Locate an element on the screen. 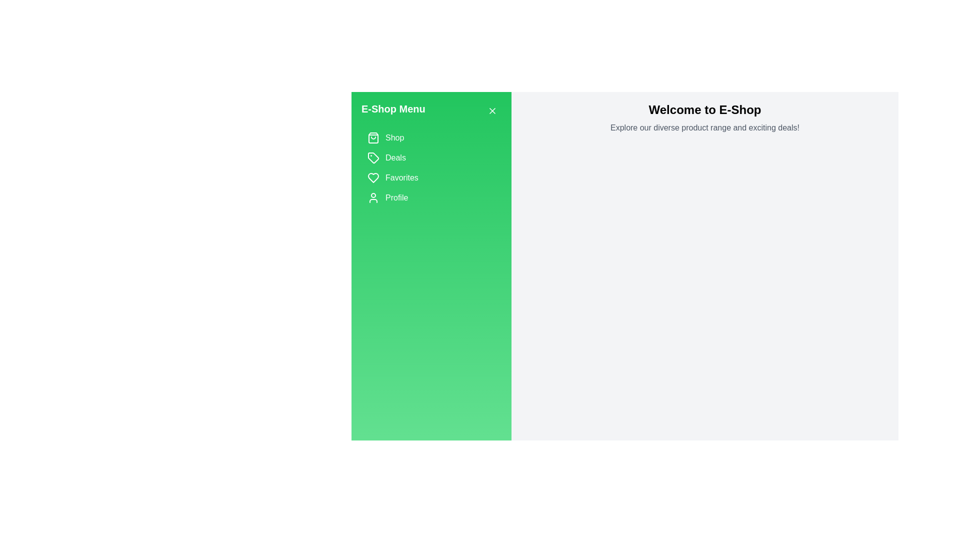  the category item labeled Shop to highlight it is located at coordinates (431, 138).